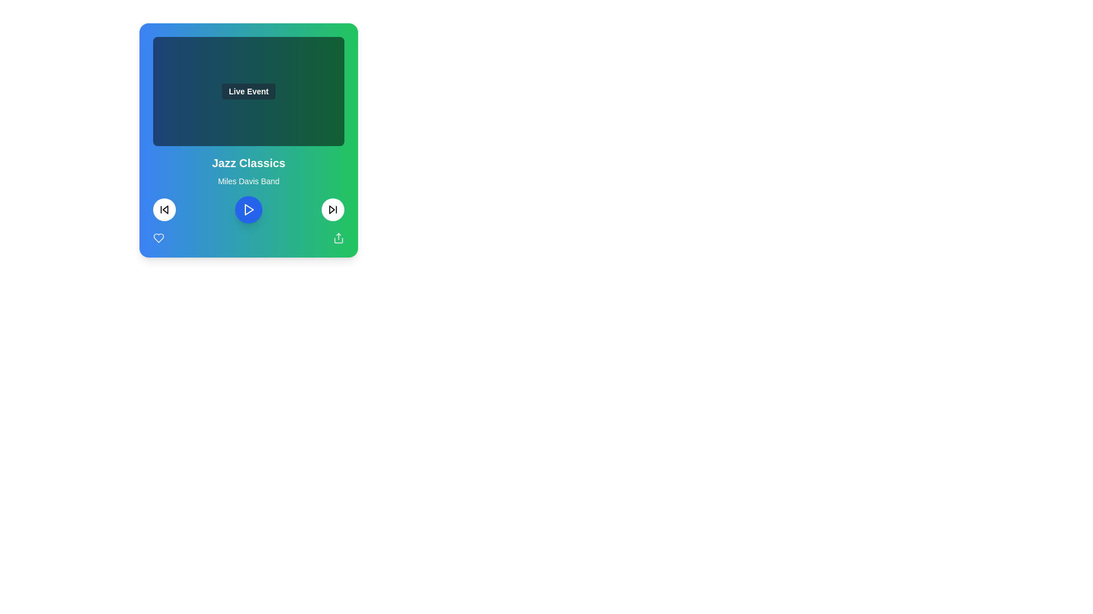  I want to click on the backward skip icon button located inside the circular button on the bottom-left segment of the media playback interface to skip backward or replay the previous track, so click(163, 210).